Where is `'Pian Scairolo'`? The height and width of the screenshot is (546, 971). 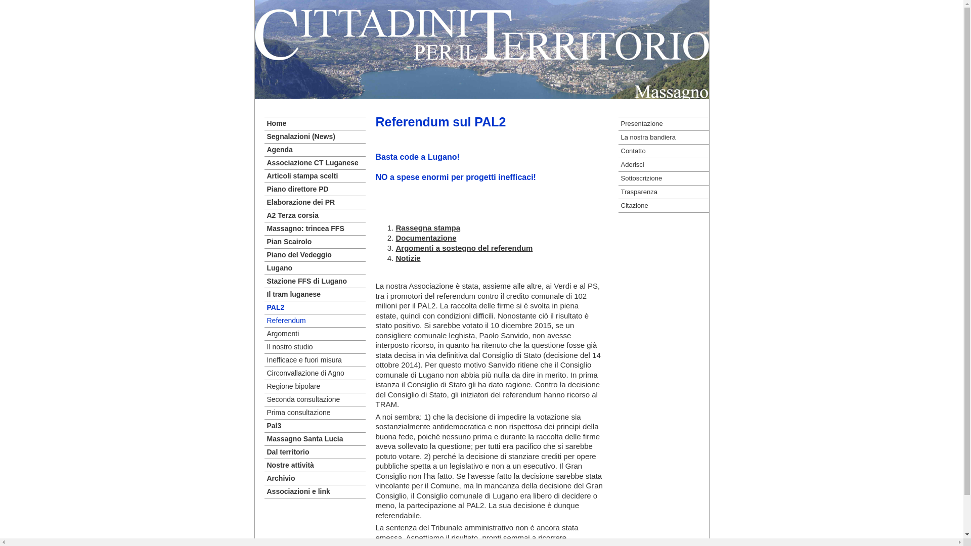
'Pian Scairolo' is located at coordinates (314, 242).